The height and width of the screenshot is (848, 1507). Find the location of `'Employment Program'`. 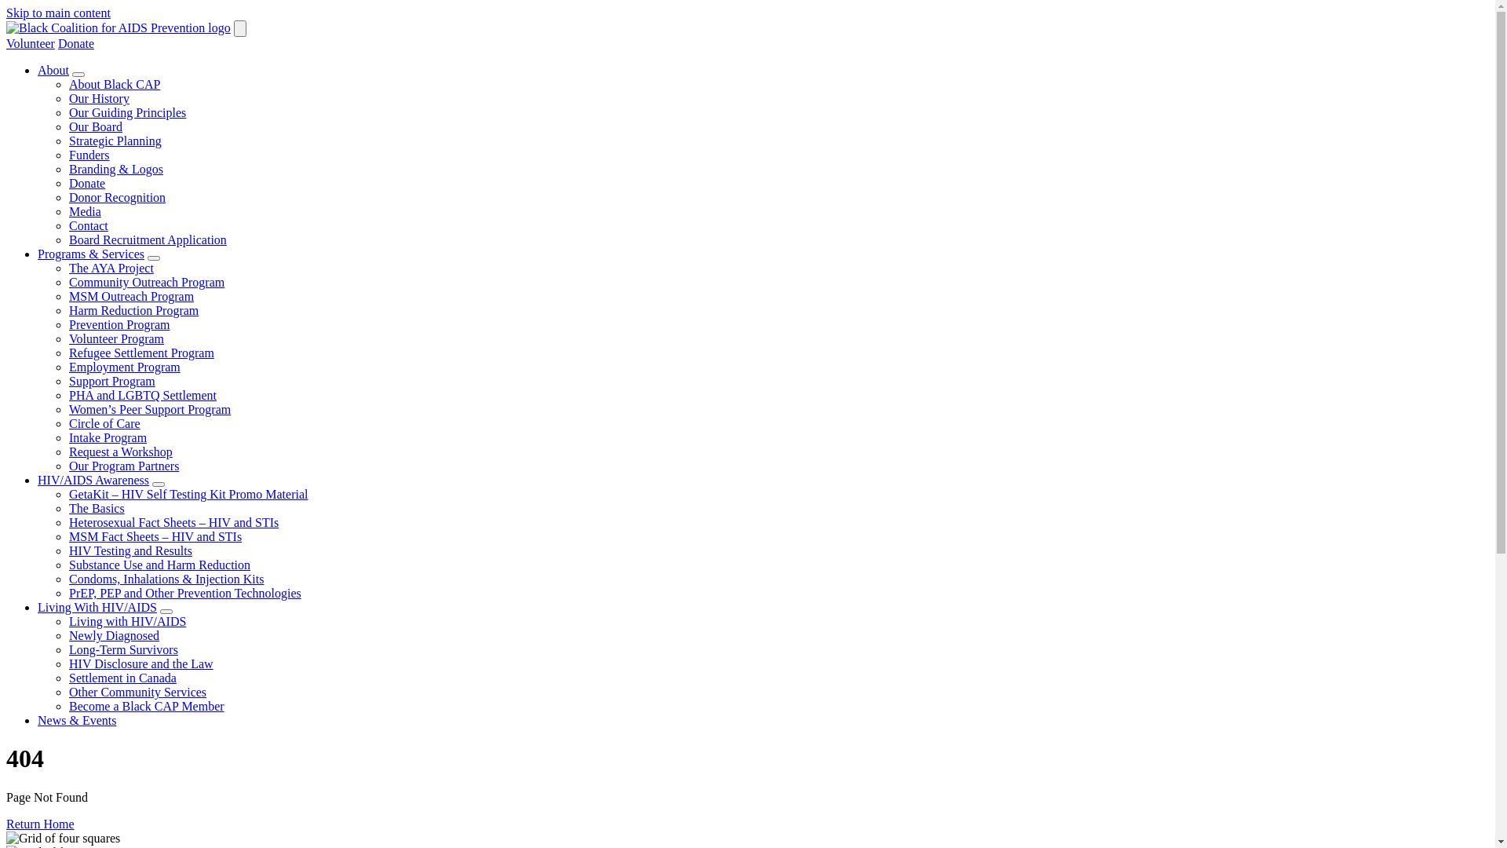

'Employment Program' is located at coordinates (123, 367).